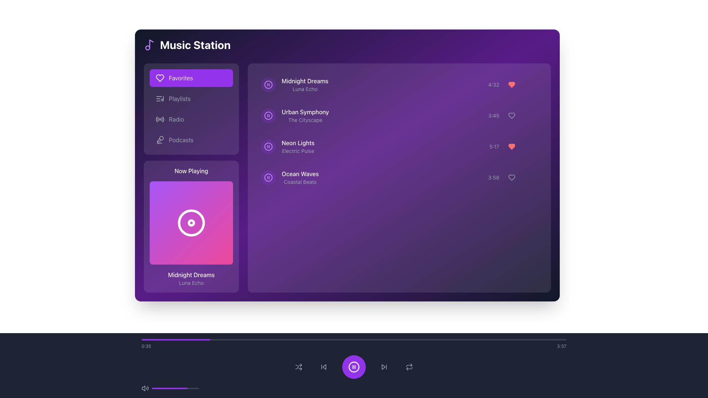 The image size is (708, 398). What do you see at coordinates (299, 367) in the screenshot?
I see `the shuffle icon, which is styled as crossed arrows and located second from the right in the bottom control bar` at bounding box center [299, 367].